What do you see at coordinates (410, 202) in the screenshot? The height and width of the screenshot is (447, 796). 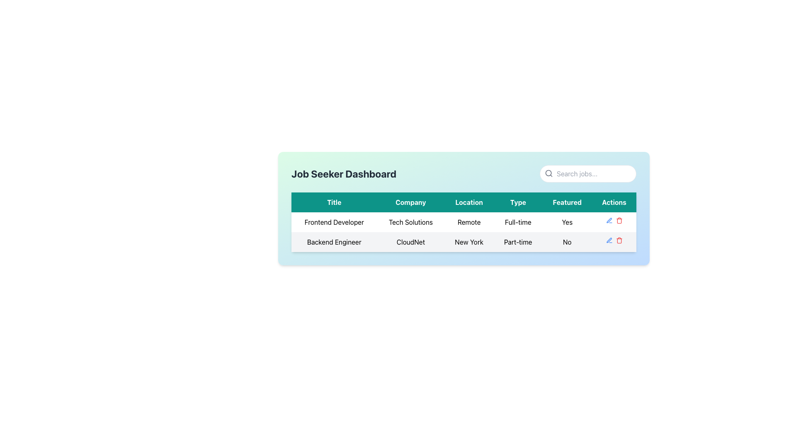 I see `the 'Company' table header, which is the second header item styled with white text on a green background` at bounding box center [410, 202].